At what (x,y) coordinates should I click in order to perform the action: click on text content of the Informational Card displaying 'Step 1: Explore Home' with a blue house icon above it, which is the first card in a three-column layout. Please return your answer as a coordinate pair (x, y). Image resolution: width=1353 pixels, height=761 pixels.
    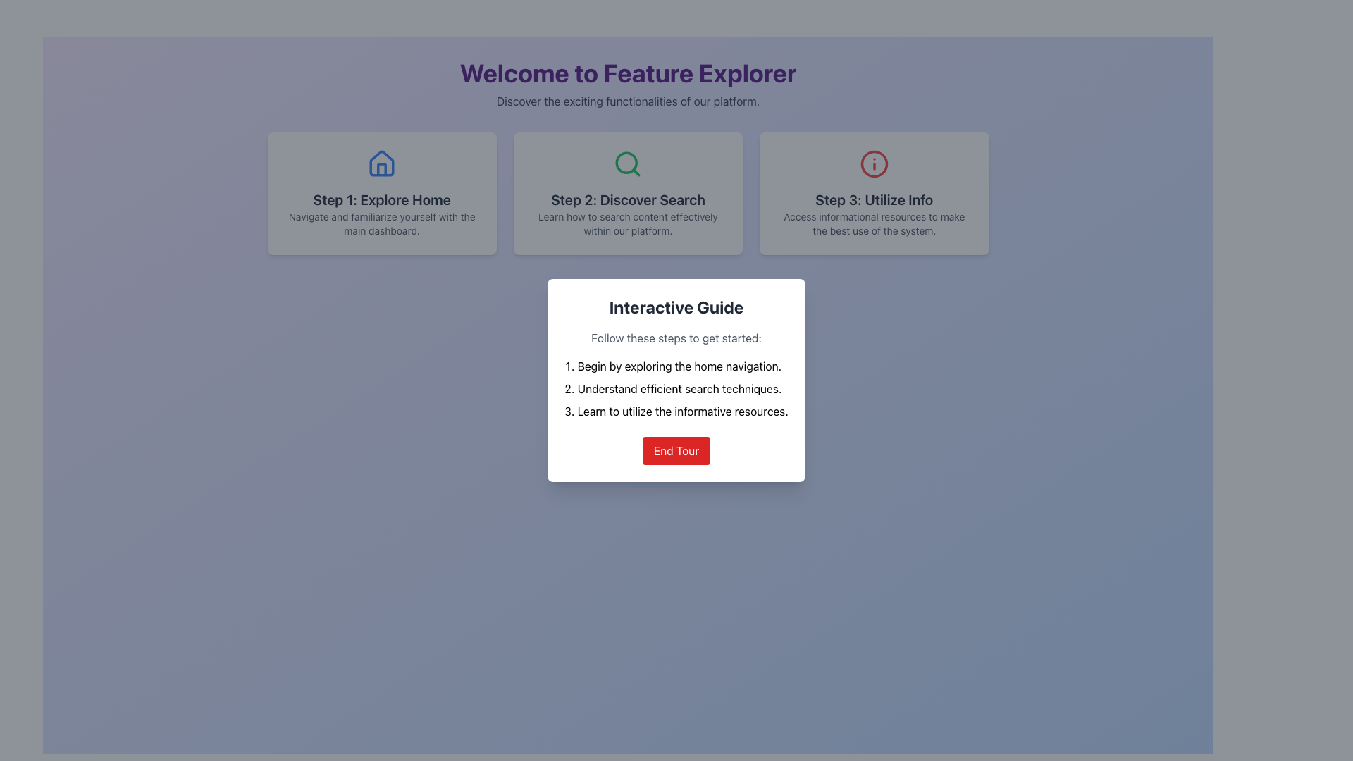
    Looking at the image, I should click on (382, 193).